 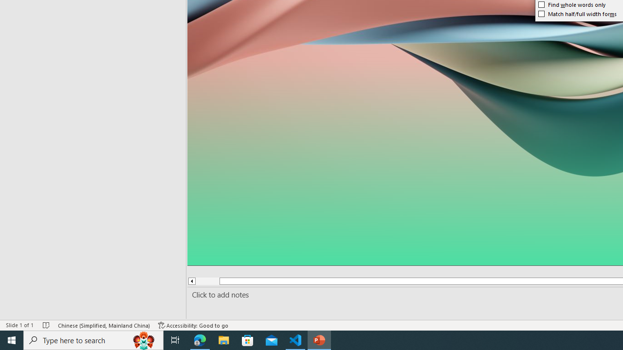 What do you see at coordinates (223, 339) in the screenshot?
I see `'File Explorer'` at bounding box center [223, 339].